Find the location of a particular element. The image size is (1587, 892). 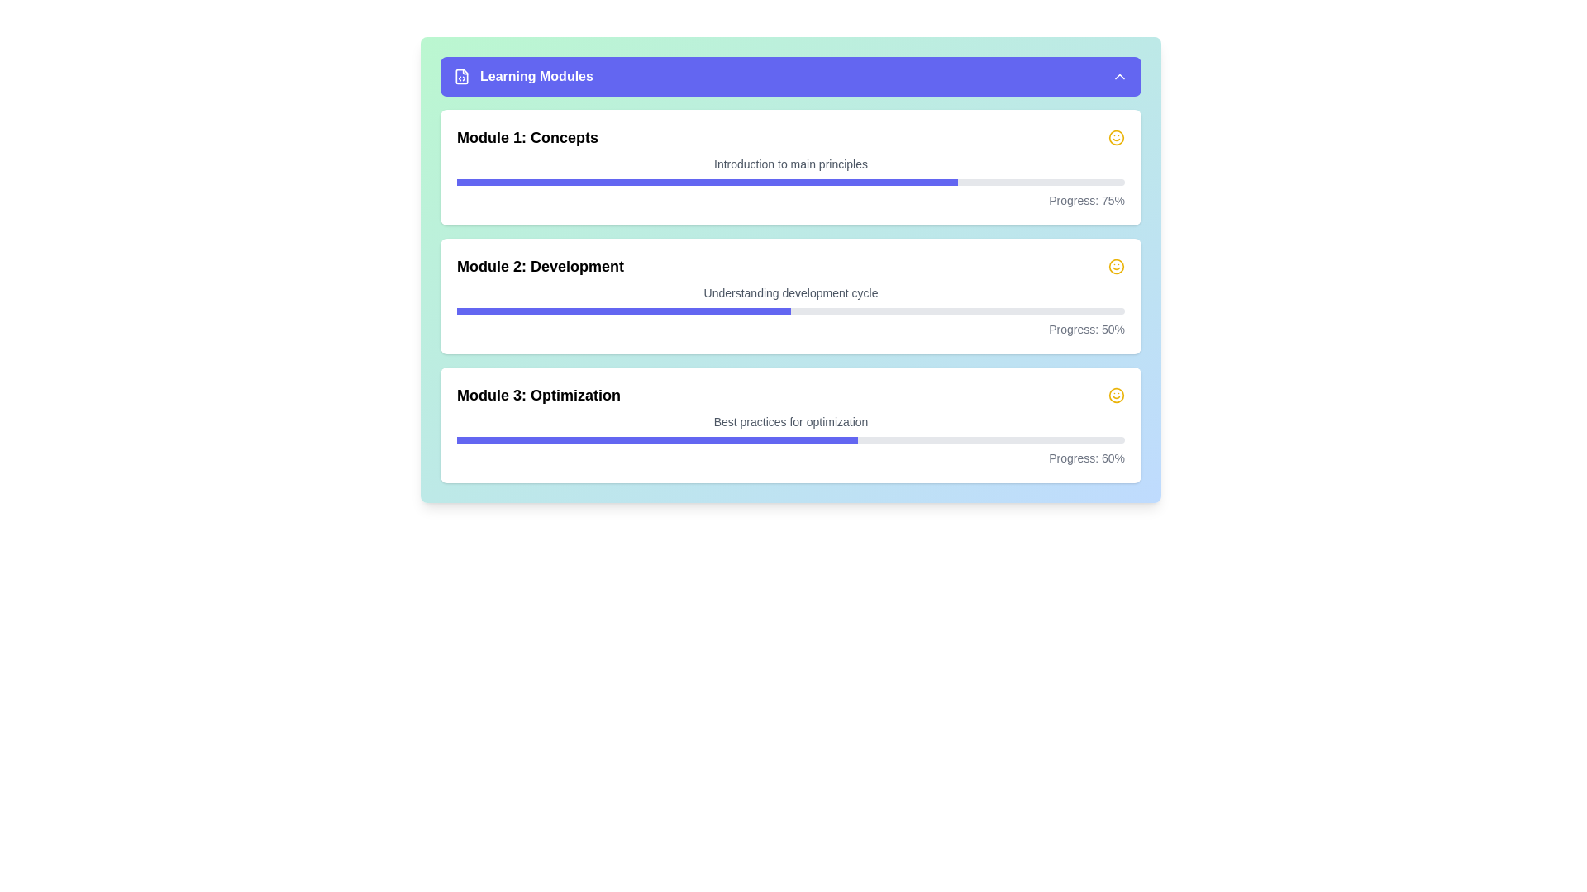

the progress visually on the horizontal progress bar with a light-gray background and indigo filled segment, located within the 'Module 2: Development' card is located at coordinates (789, 311).